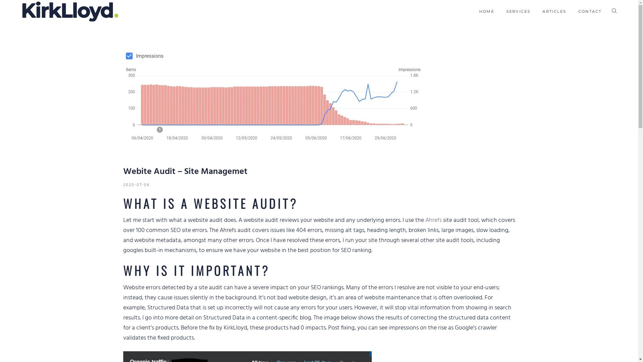 The width and height of the screenshot is (643, 362). What do you see at coordinates (479, 11) in the screenshot?
I see `'HOME'` at bounding box center [479, 11].